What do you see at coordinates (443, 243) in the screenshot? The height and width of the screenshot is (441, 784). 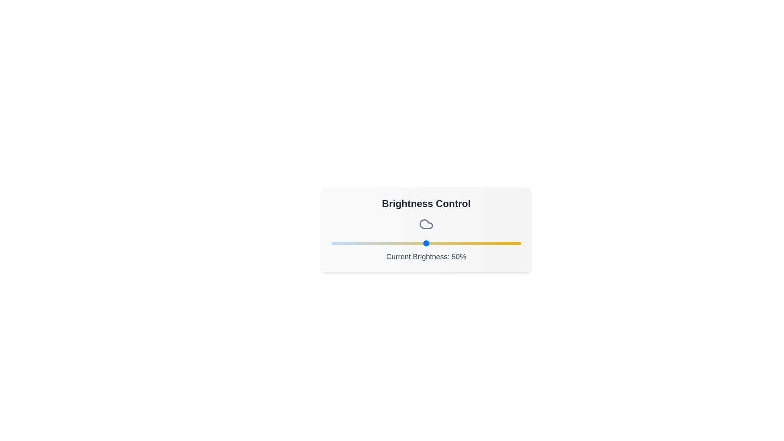 I see `the brightness slider to 59% to observe the icon change` at bounding box center [443, 243].